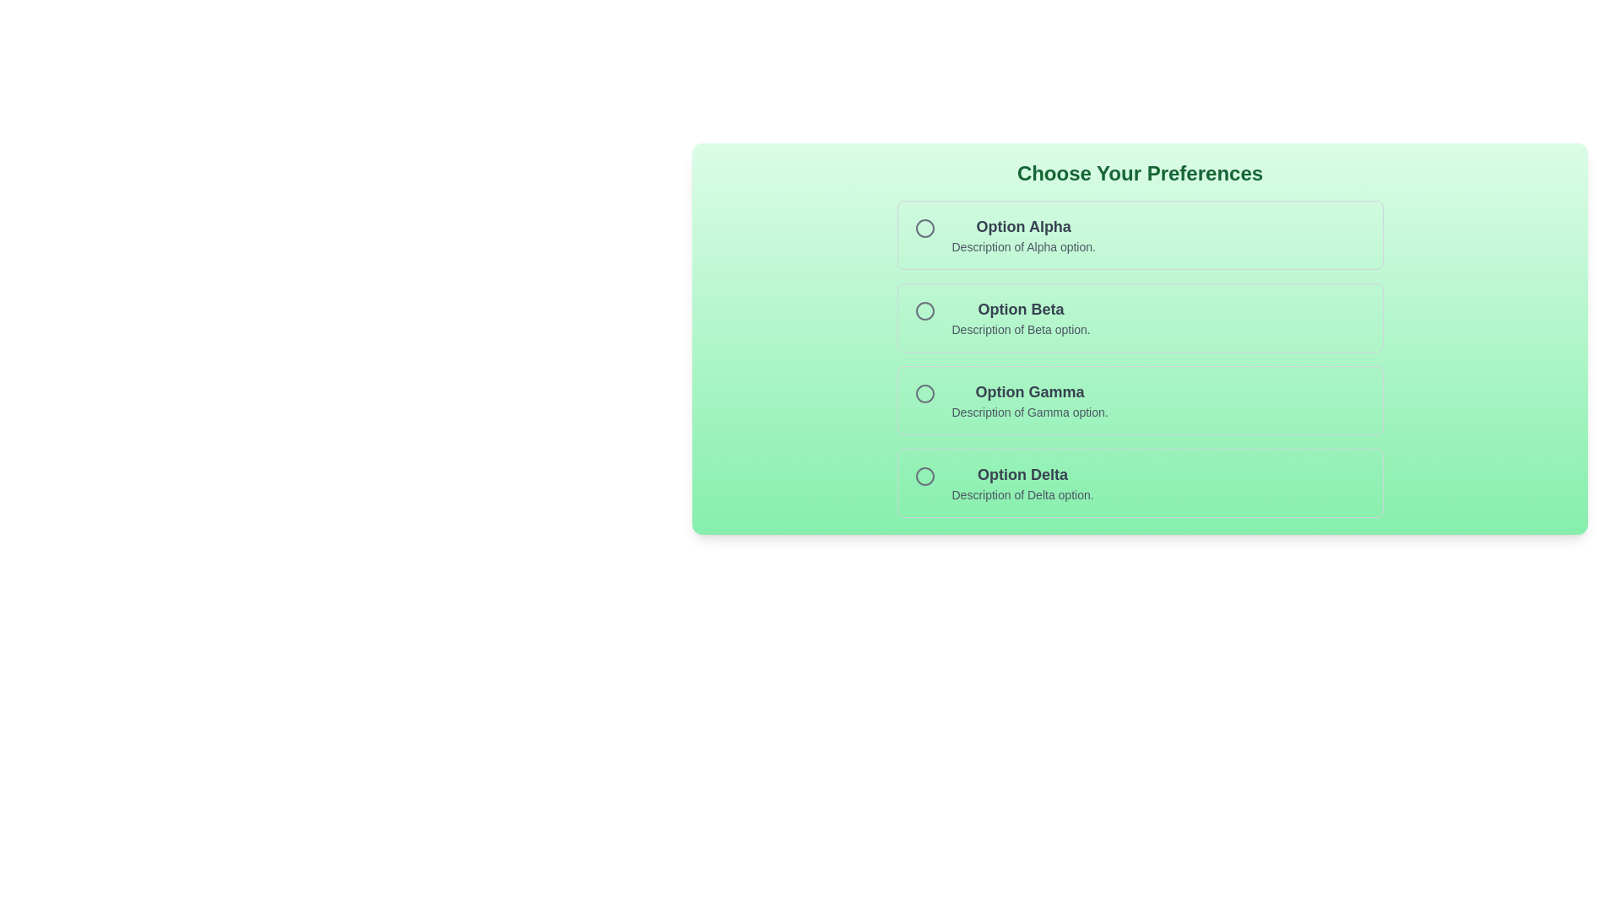 The width and height of the screenshot is (1621, 911). I want to click on the interactive radio button located to the left of 'Option Delta', so click(924, 476).